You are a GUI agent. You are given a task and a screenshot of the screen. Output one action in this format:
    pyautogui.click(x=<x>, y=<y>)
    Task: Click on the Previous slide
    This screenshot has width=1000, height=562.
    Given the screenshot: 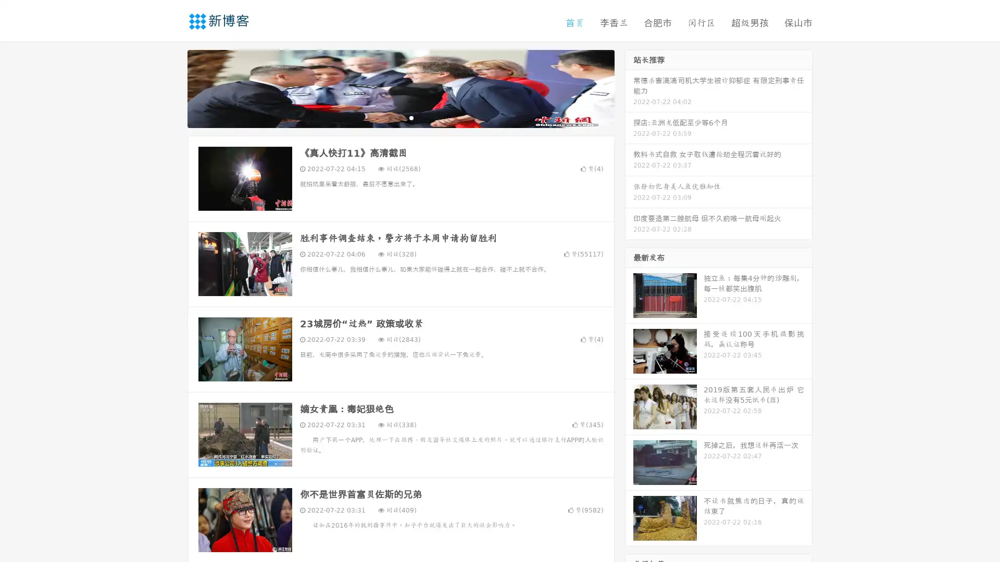 What is the action you would take?
    pyautogui.click(x=172, y=87)
    